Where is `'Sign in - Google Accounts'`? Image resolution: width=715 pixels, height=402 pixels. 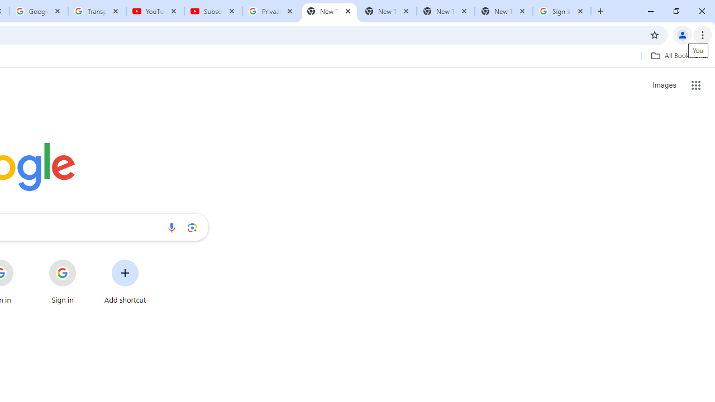
'Sign in - Google Accounts' is located at coordinates (562, 11).